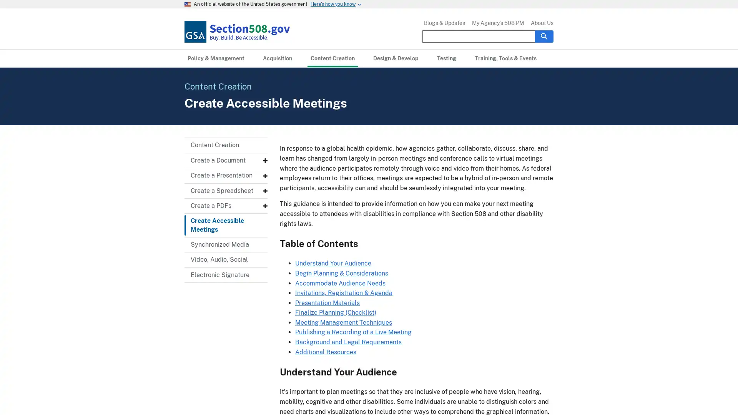 The image size is (738, 415). I want to click on Here's how you know, so click(333, 4).